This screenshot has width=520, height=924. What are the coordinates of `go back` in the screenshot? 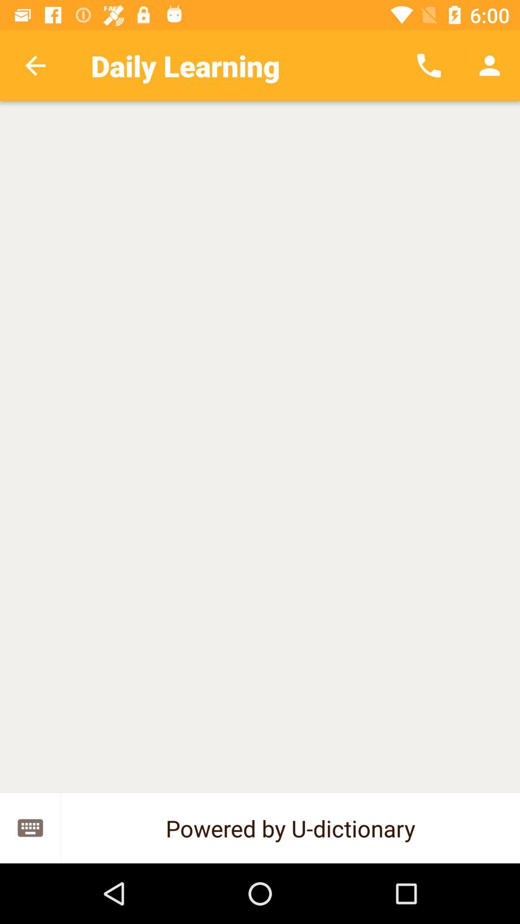 It's located at (35, 65).